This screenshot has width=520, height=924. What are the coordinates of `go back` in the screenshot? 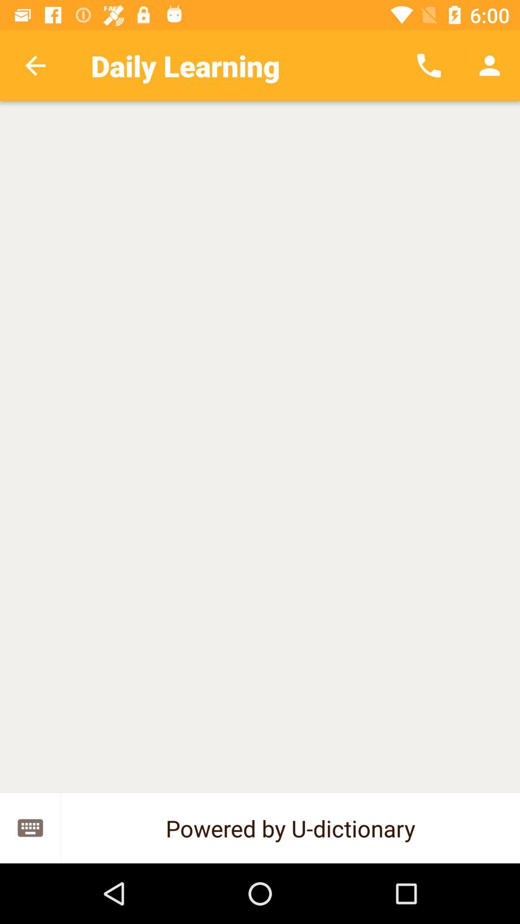 It's located at (35, 65).